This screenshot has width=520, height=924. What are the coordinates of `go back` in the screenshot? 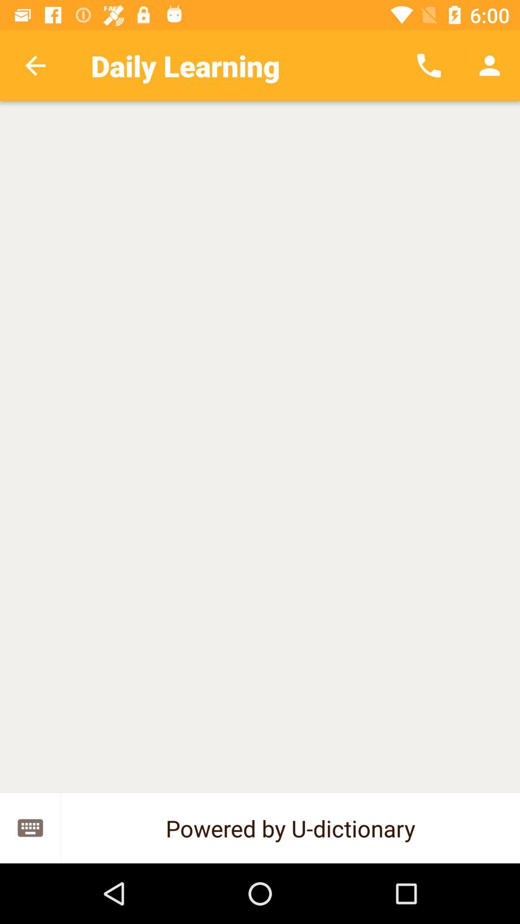 It's located at (35, 65).